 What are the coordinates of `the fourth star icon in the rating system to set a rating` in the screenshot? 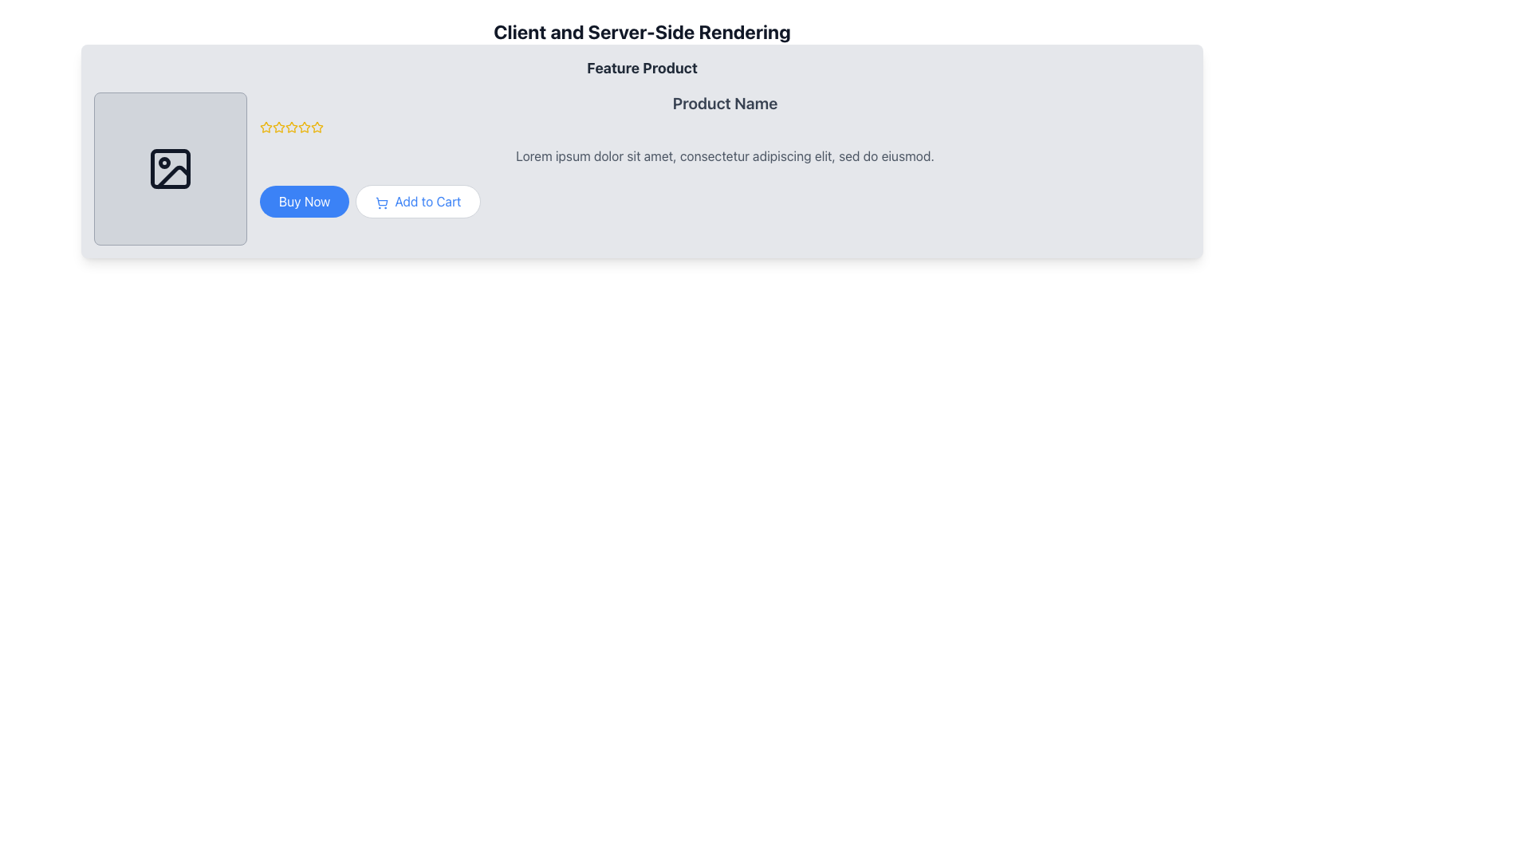 It's located at (317, 126).